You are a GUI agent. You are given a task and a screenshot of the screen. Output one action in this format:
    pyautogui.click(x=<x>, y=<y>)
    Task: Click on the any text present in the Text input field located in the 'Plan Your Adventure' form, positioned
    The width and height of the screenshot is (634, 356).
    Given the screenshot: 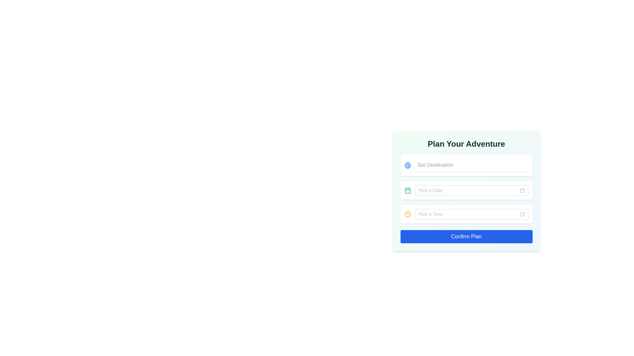 What is the action you would take?
    pyautogui.click(x=471, y=165)
    